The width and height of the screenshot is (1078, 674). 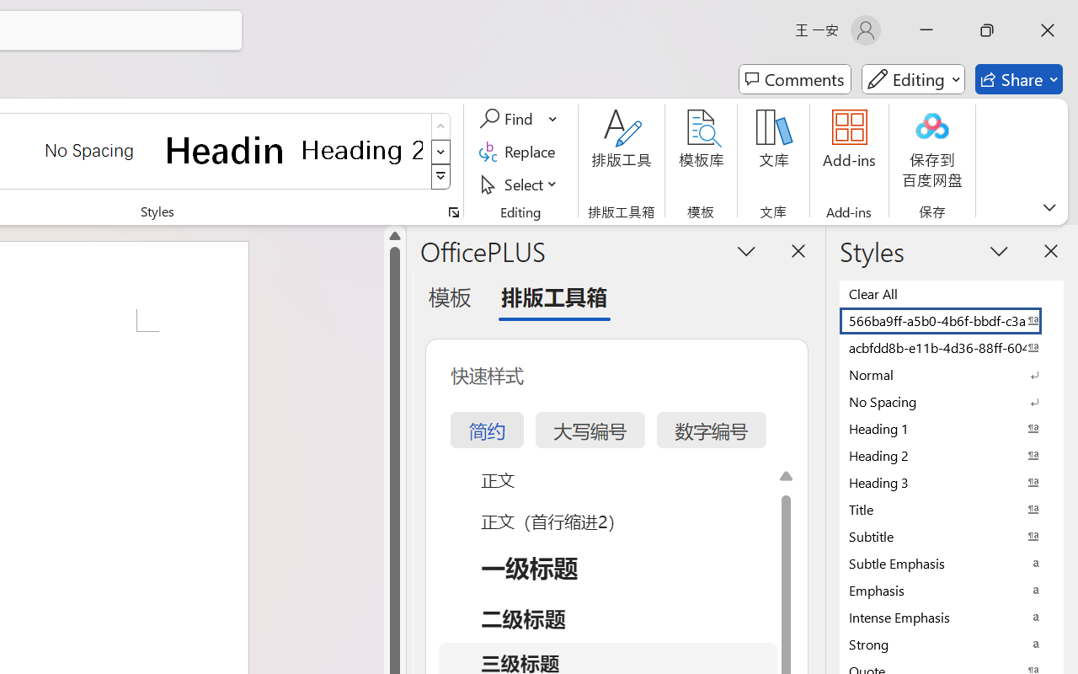 I want to click on 'Close', so click(x=1047, y=29).